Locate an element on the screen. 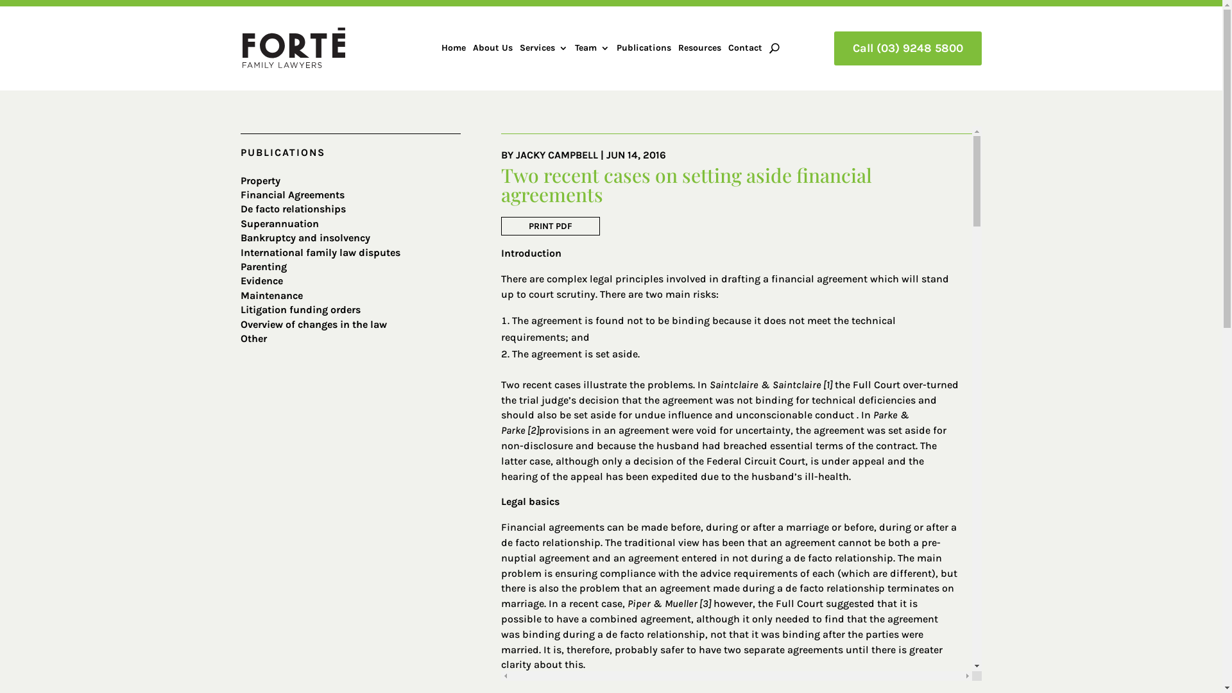 This screenshot has height=693, width=1232. 'Team' is located at coordinates (591, 49).